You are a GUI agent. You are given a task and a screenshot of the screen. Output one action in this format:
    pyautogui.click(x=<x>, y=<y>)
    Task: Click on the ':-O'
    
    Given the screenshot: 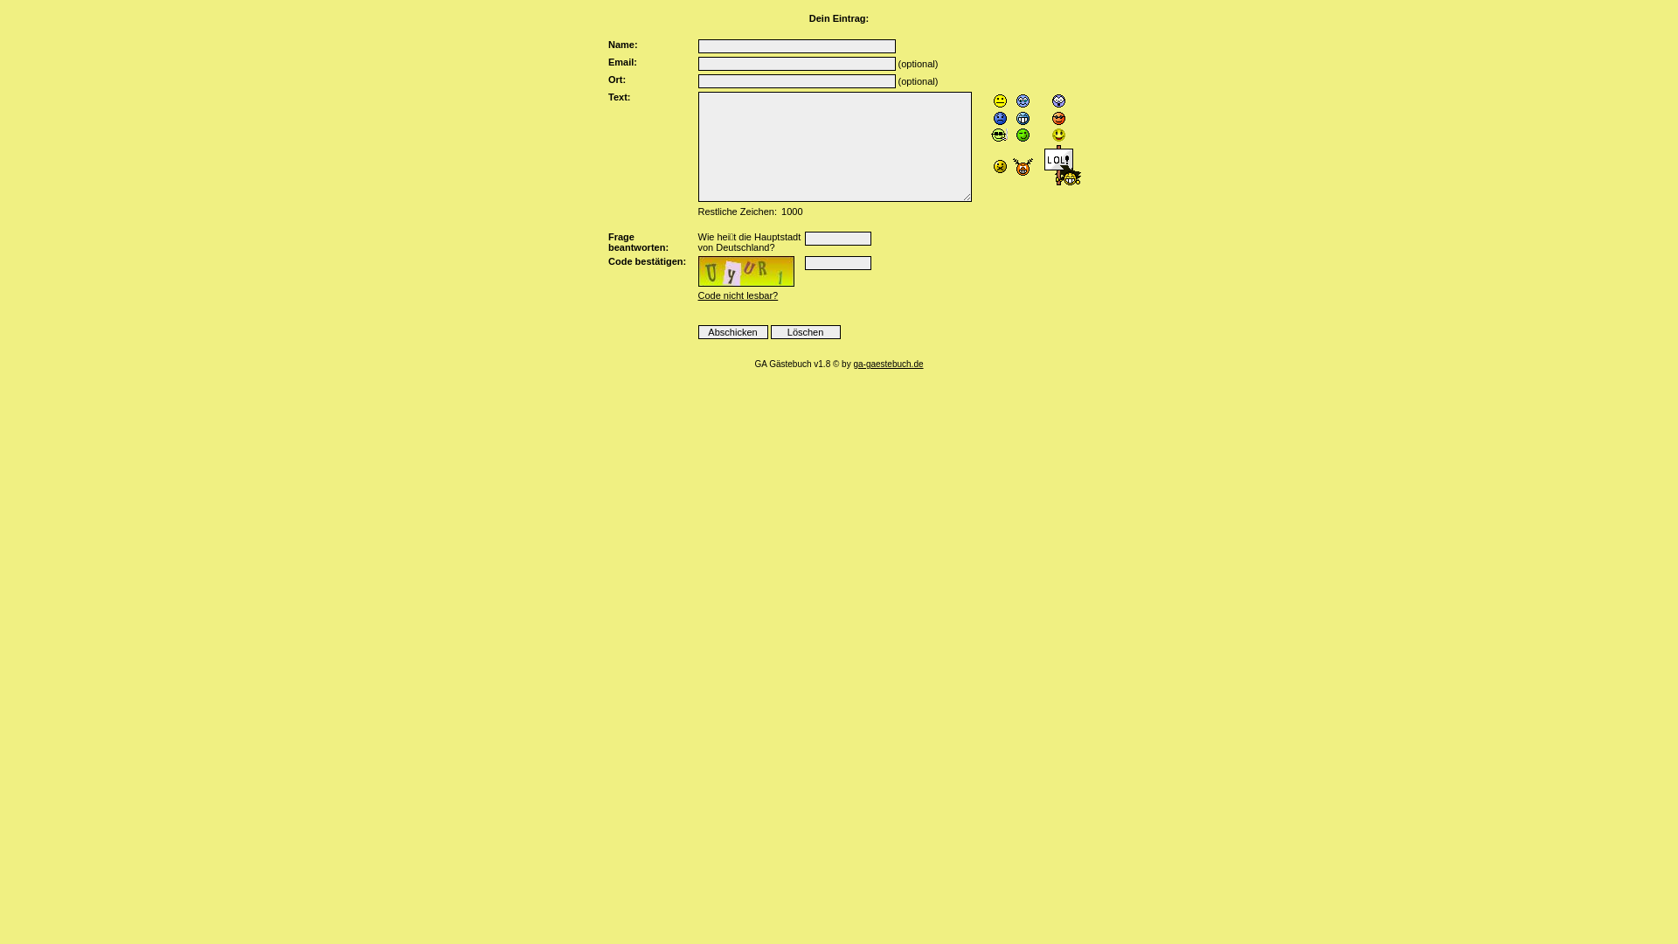 What is the action you would take?
    pyautogui.click(x=1057, y=101)
    